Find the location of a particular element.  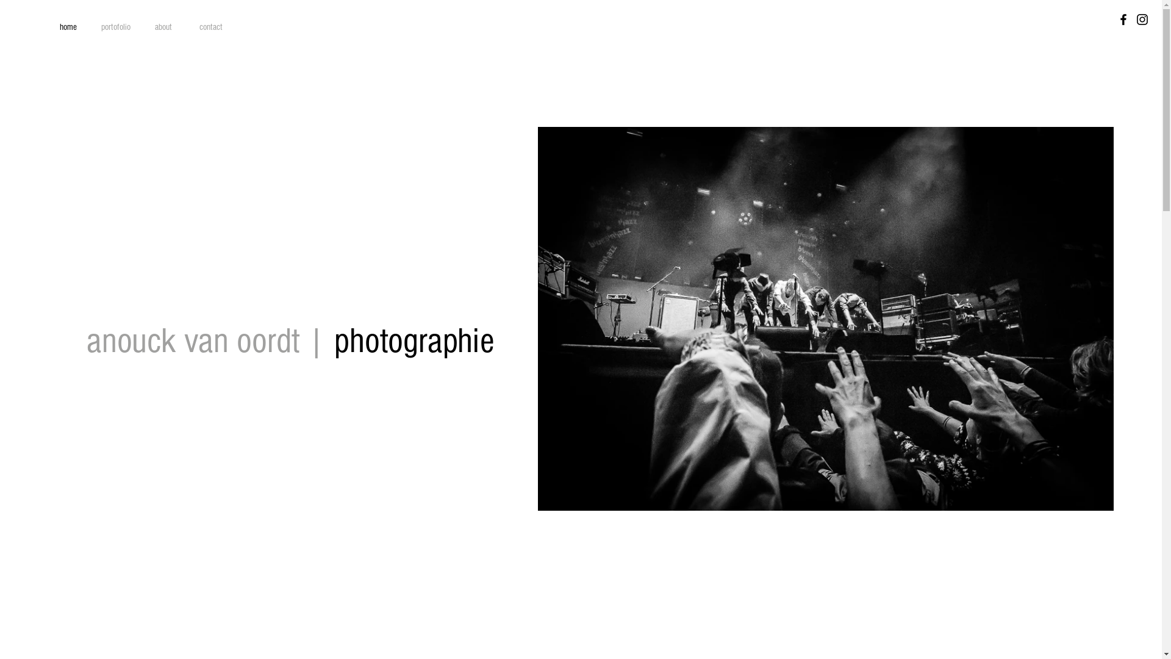

'portofolio' is located at coordinates (116, 27).